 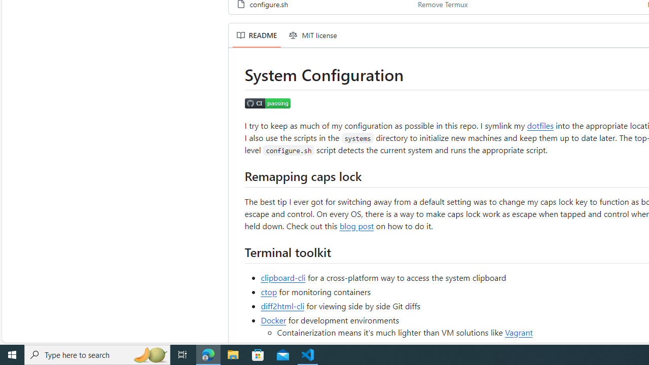 I want to click on 'diff2html-cli', so click(x=283, y=305).